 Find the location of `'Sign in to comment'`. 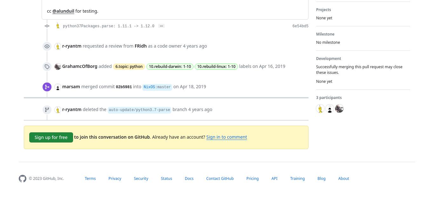

'Sign in to comment' is located at coordinates (227, 136).